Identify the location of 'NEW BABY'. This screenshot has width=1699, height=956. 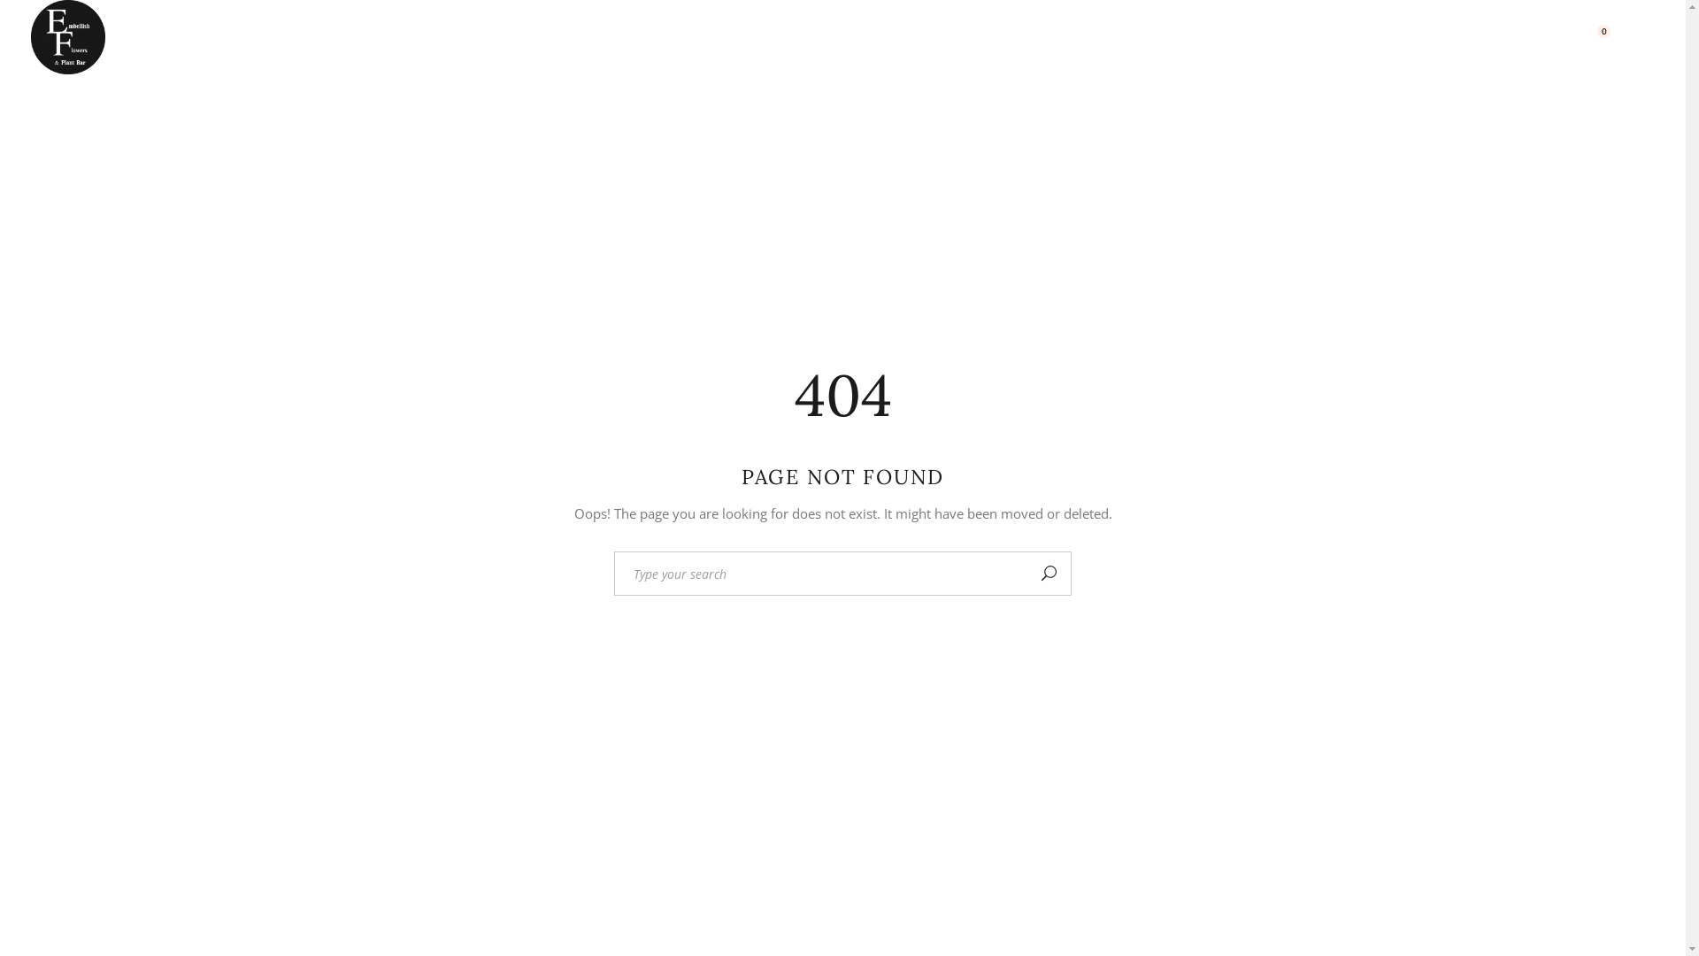
(486, 37).